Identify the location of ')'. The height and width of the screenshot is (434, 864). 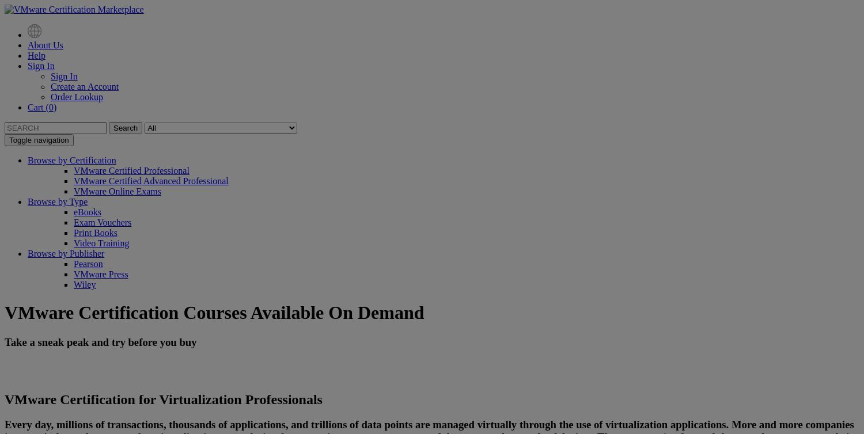
(52, 107).